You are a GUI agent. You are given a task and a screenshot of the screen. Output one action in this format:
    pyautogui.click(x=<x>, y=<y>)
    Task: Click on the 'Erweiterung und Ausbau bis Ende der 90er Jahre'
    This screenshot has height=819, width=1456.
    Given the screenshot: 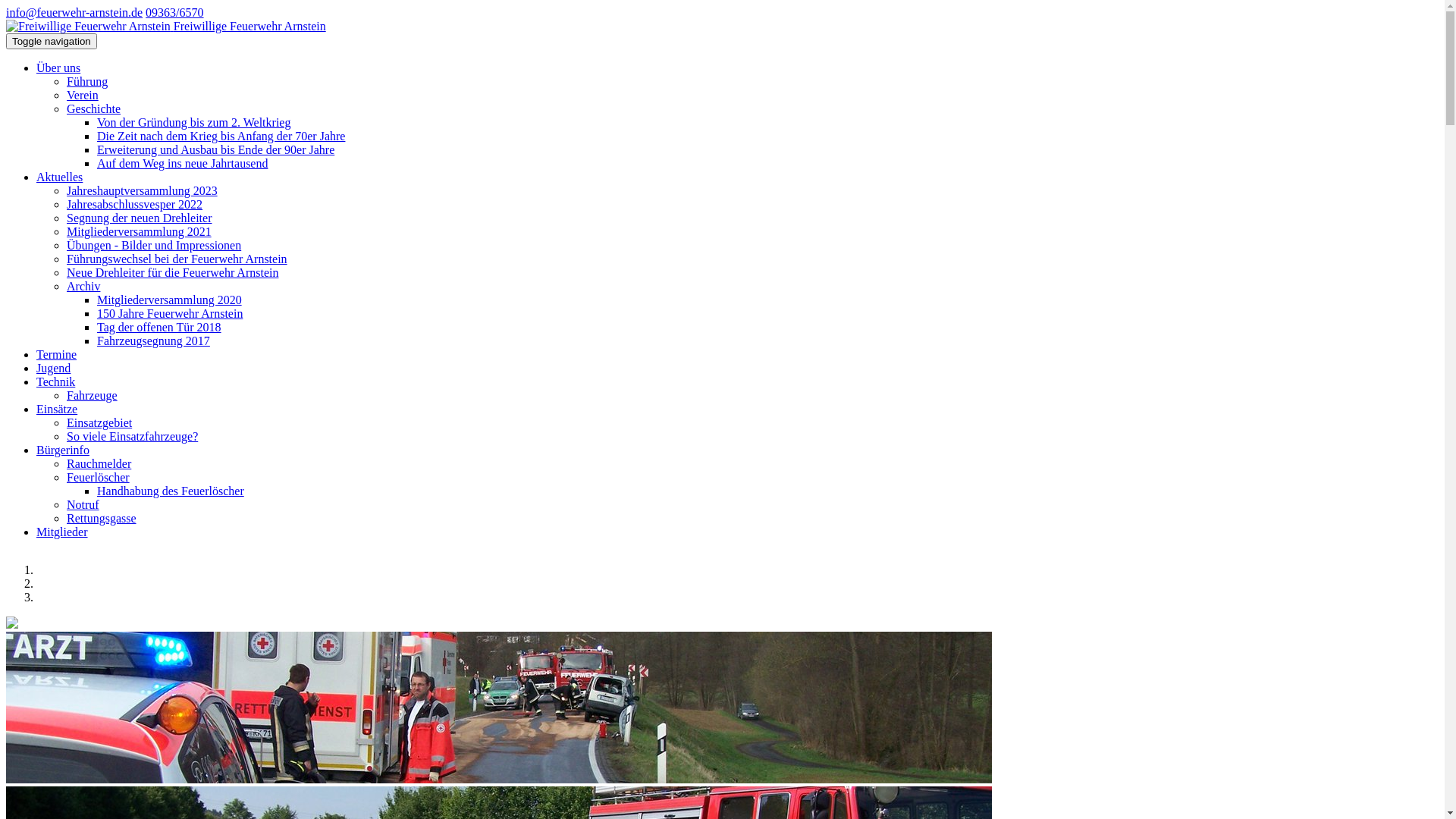 What is the action you would take?
    pyautogui.click(x=215, y=149)
    